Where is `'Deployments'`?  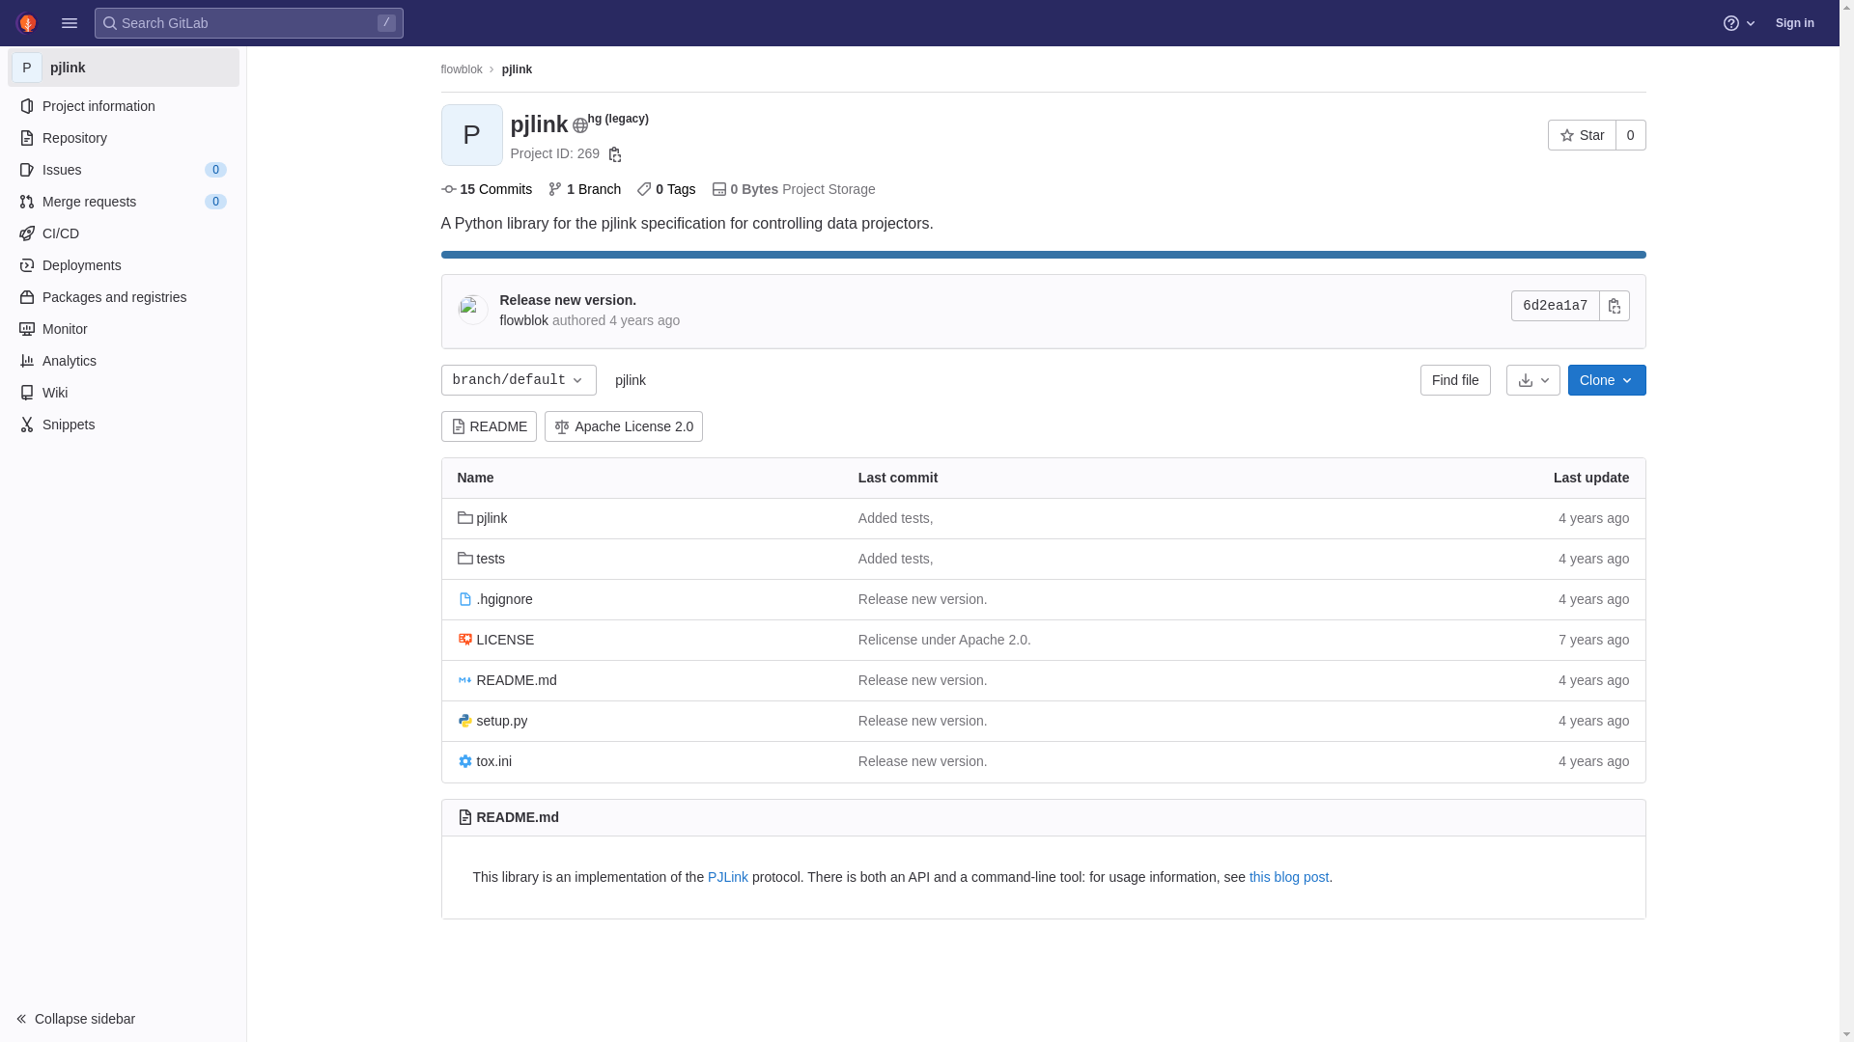 'Deployments' is located at coordinates (122, 264).